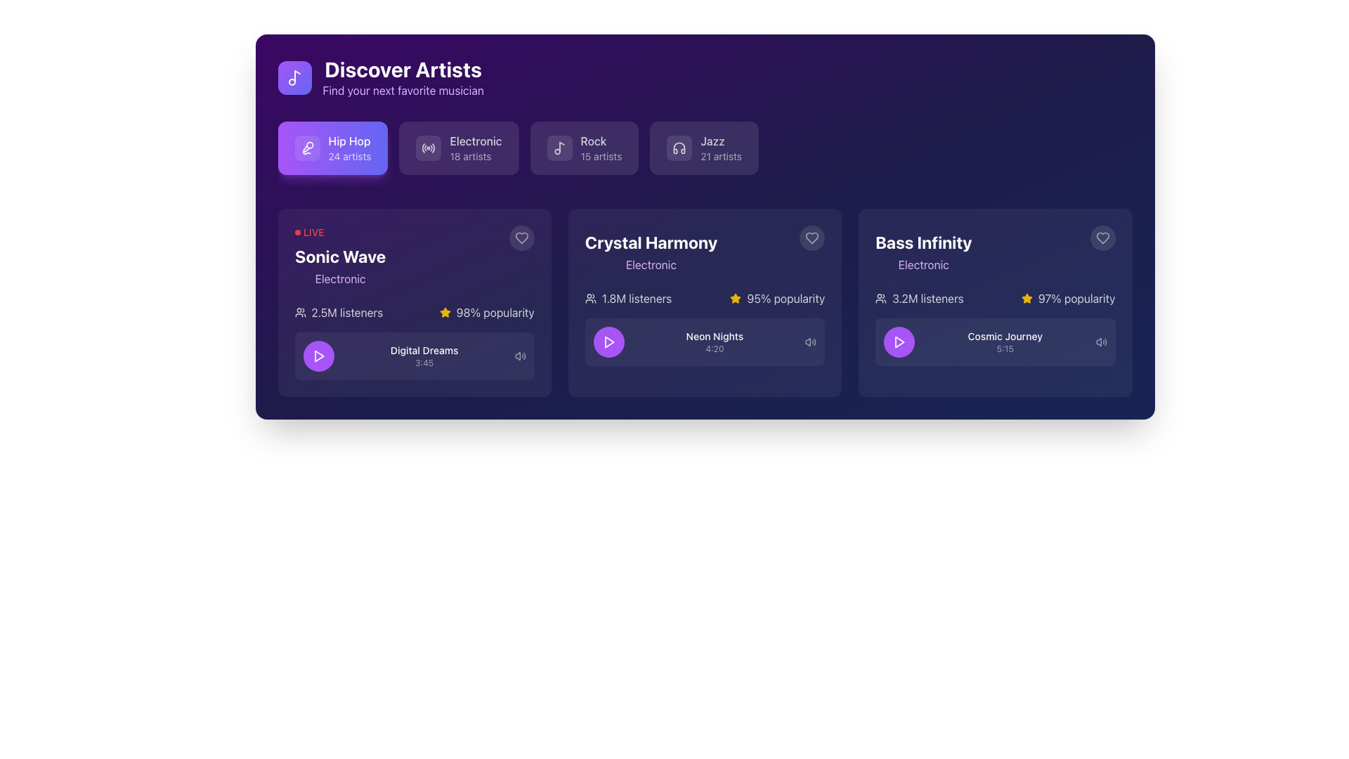  What do you see at coordinates (476, 141) in the screenshot?
I see `the 'Electronic' music category label located in the second category block of the 'Discover Artists' section, positioned between 'Hip Hop' and 'Rock'` at bounding box center [476, 141].